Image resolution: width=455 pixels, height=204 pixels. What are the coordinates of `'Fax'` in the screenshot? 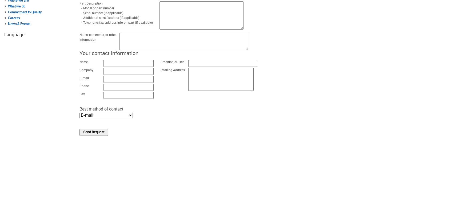 It's located at (82, 94).